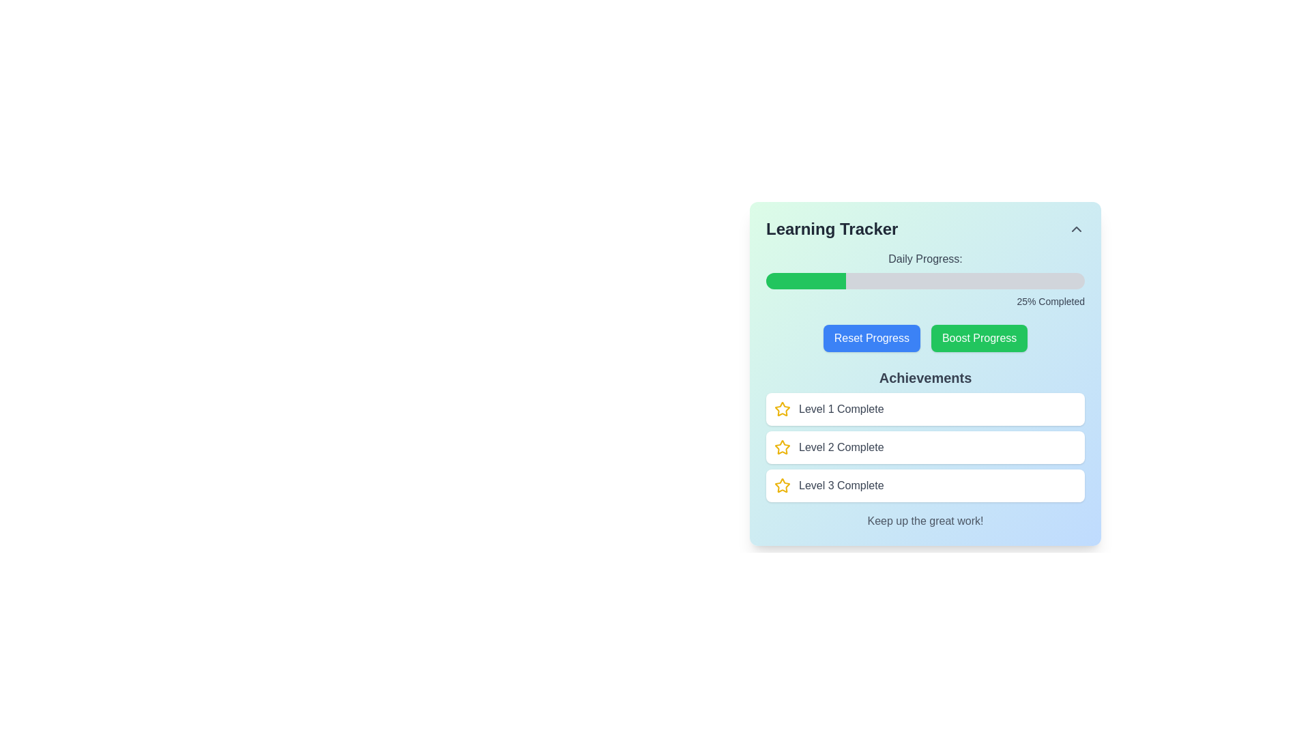  Describe the element at coordinates (925, 521) in the screenshot. I see `the text element that displays 'Keep up the great work!' located at the bottom of the gradient-background card` at that location.